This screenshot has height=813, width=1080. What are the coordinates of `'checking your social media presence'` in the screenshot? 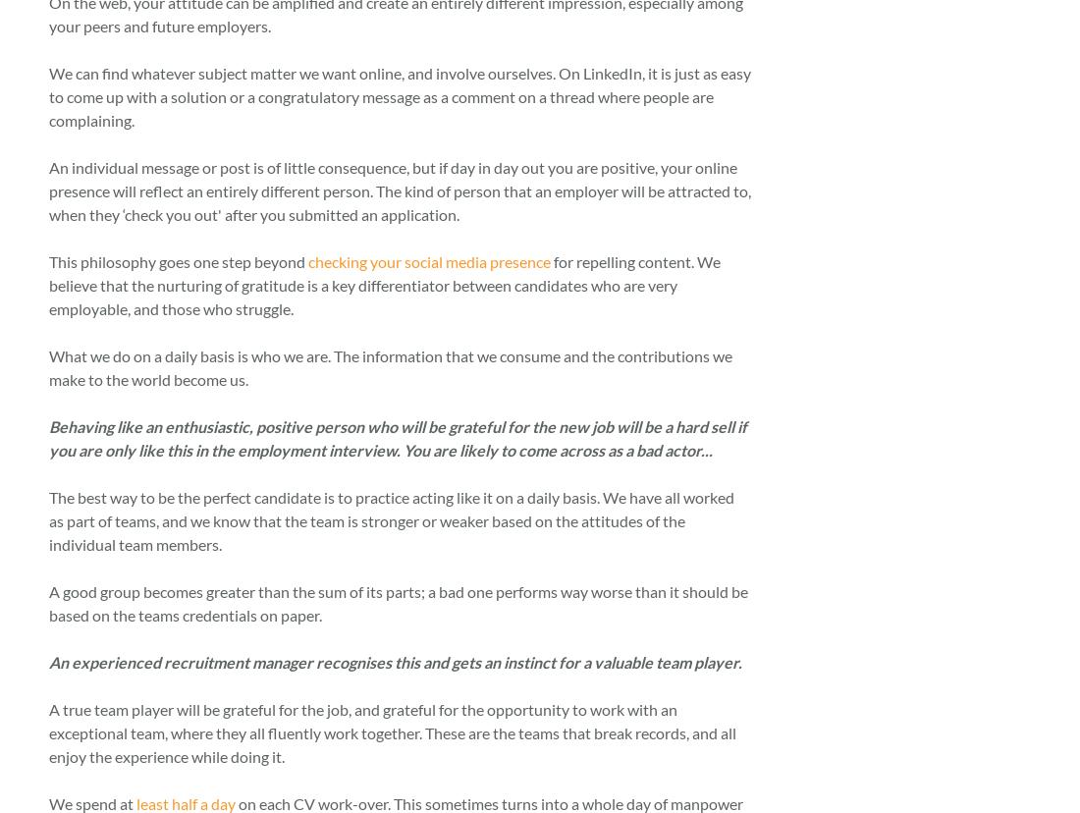 It's located at (428, 259).